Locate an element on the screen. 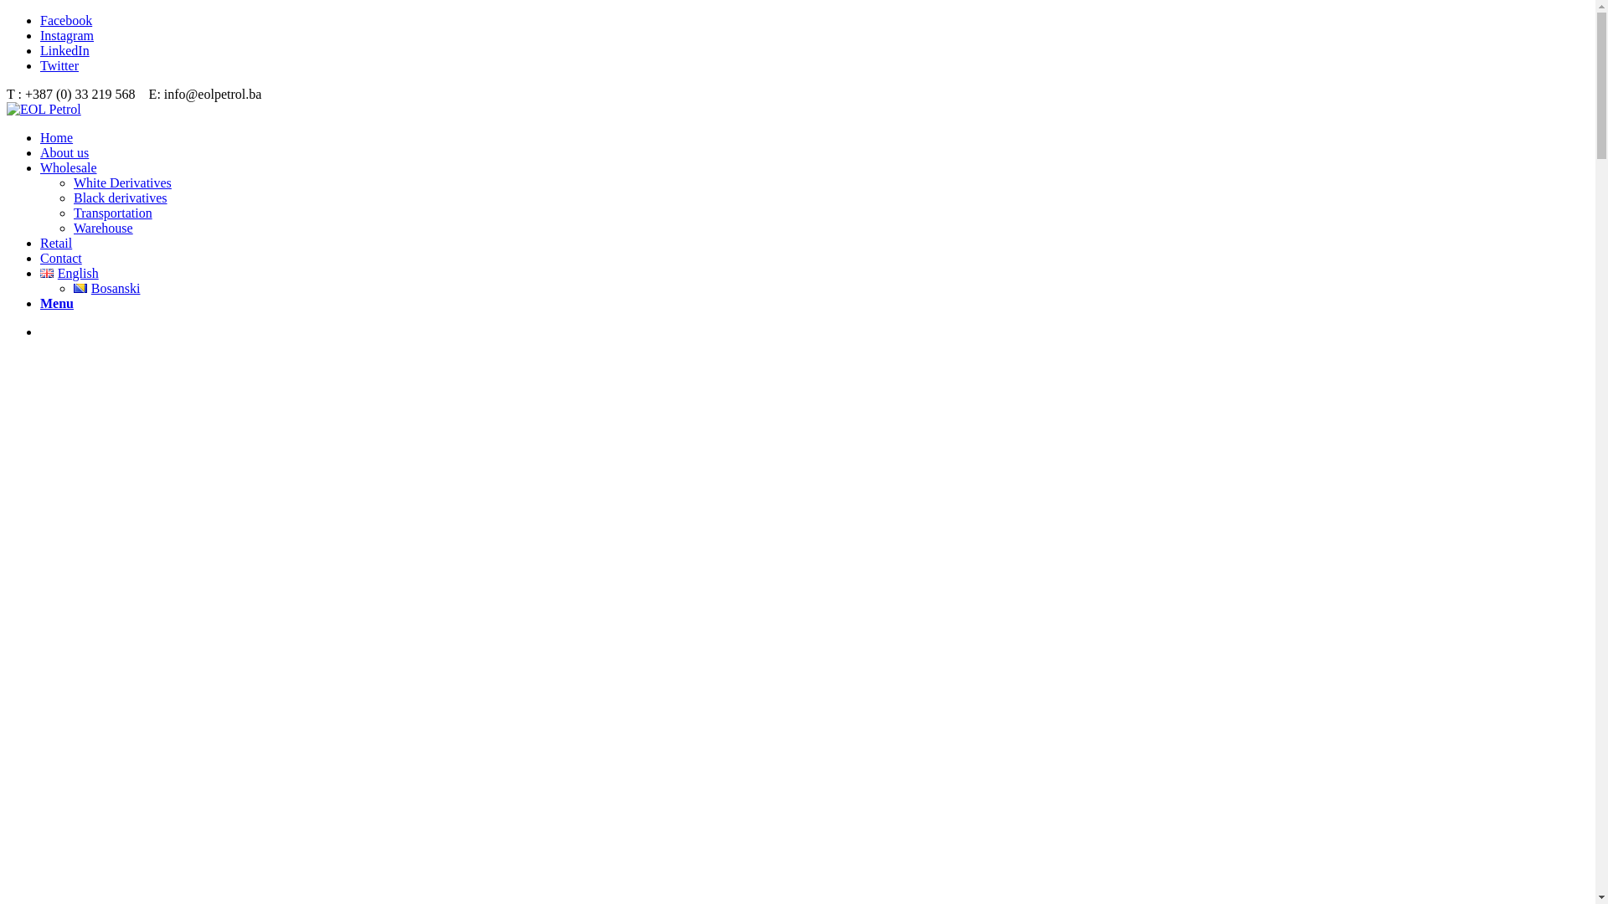 This screenshot has height=904, width=1608. 'Menu' is located at coordinates (40, 303).